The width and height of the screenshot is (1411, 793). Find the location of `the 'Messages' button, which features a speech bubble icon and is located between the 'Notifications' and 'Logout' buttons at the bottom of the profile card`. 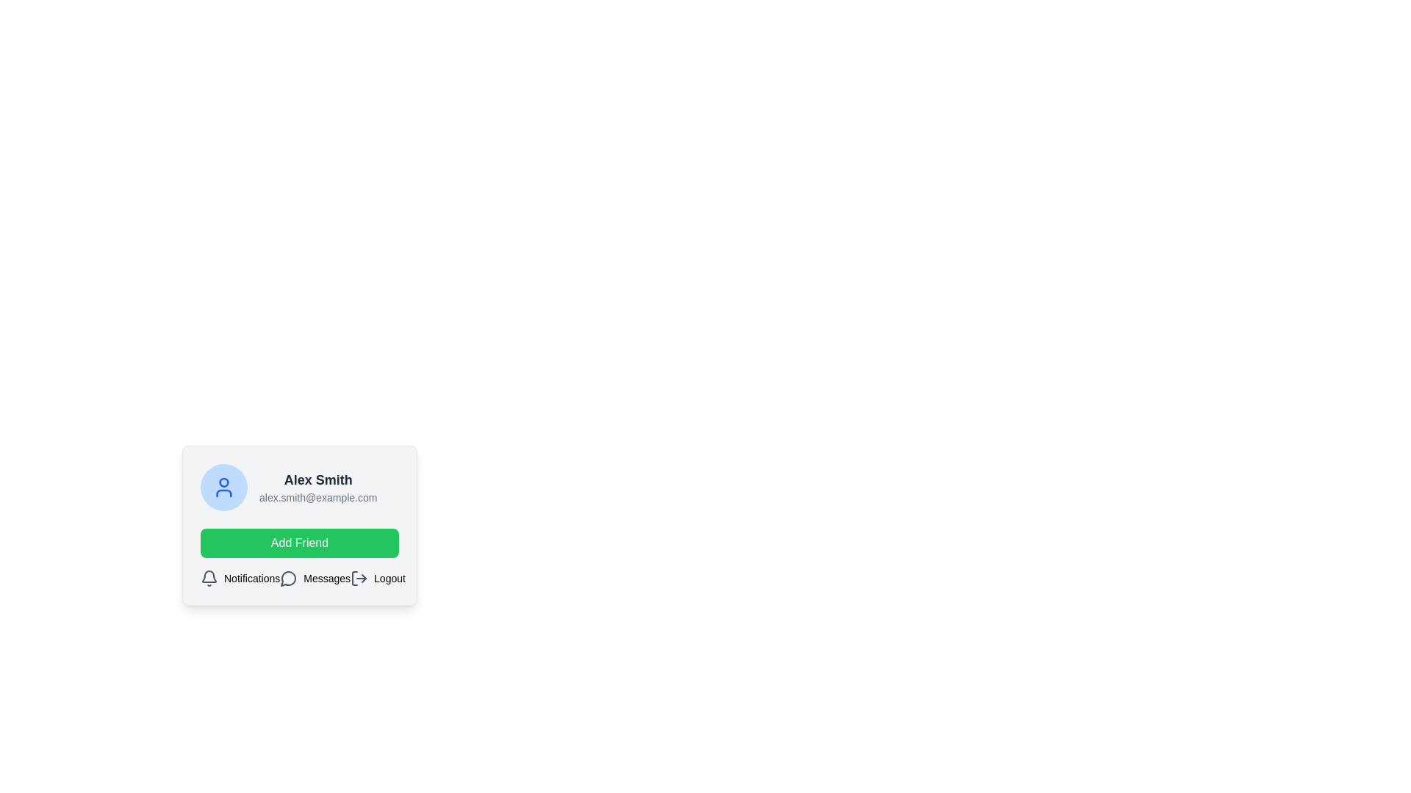

the 'Messages' button, which features a speech bubble icon and is located between the 'Notifications' and 'Logout' buttons at the bottom of the profile card is located at coordinates (315, 577).